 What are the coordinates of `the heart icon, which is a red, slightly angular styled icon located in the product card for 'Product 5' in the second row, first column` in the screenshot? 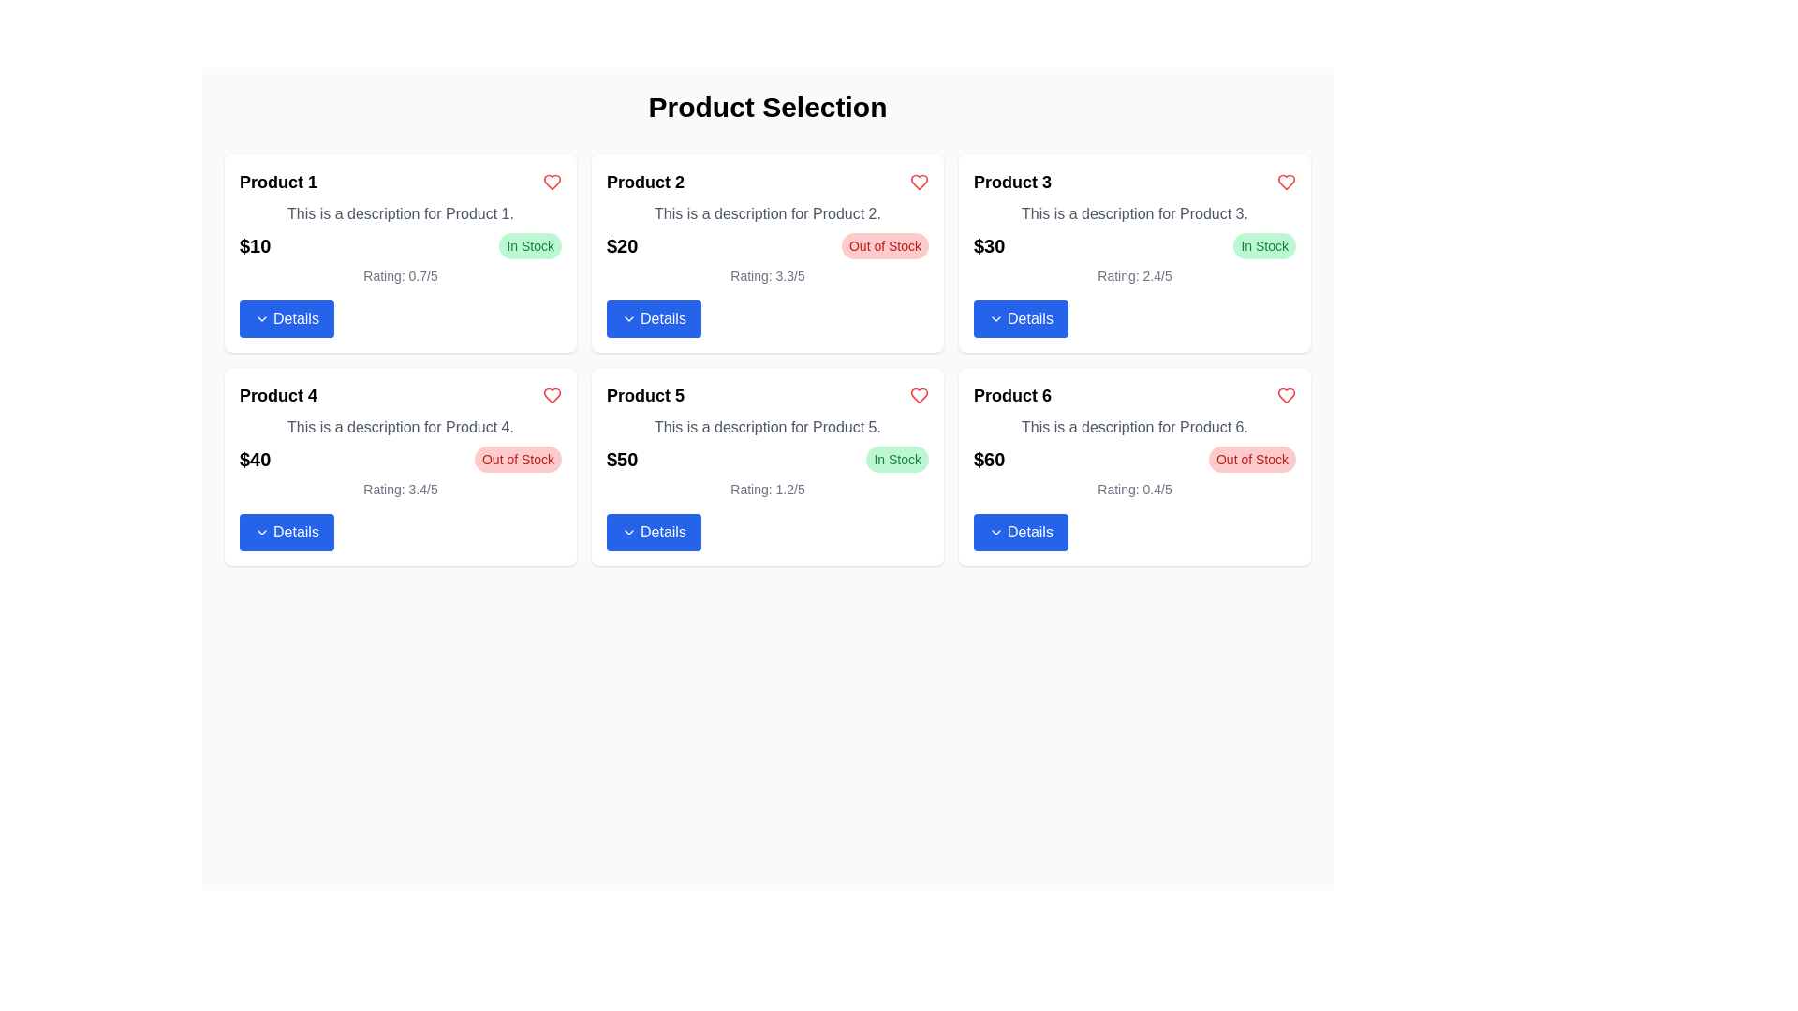 It's located at (920, 395).